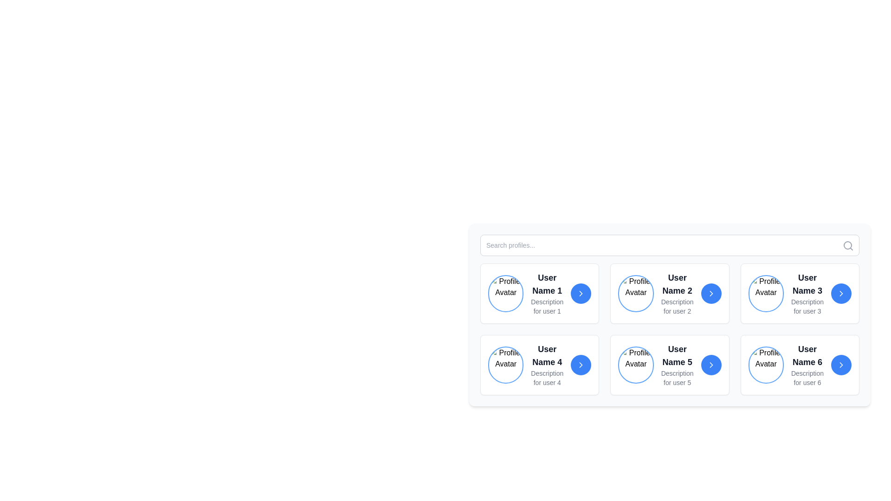 The width and height of the screenshot is (891, 501). I want to click on the circular user profile picture image with a blue border located in the user profile card for 'User Name 5', which is the first item in the lower row of the grid layout, so click(635, 364).